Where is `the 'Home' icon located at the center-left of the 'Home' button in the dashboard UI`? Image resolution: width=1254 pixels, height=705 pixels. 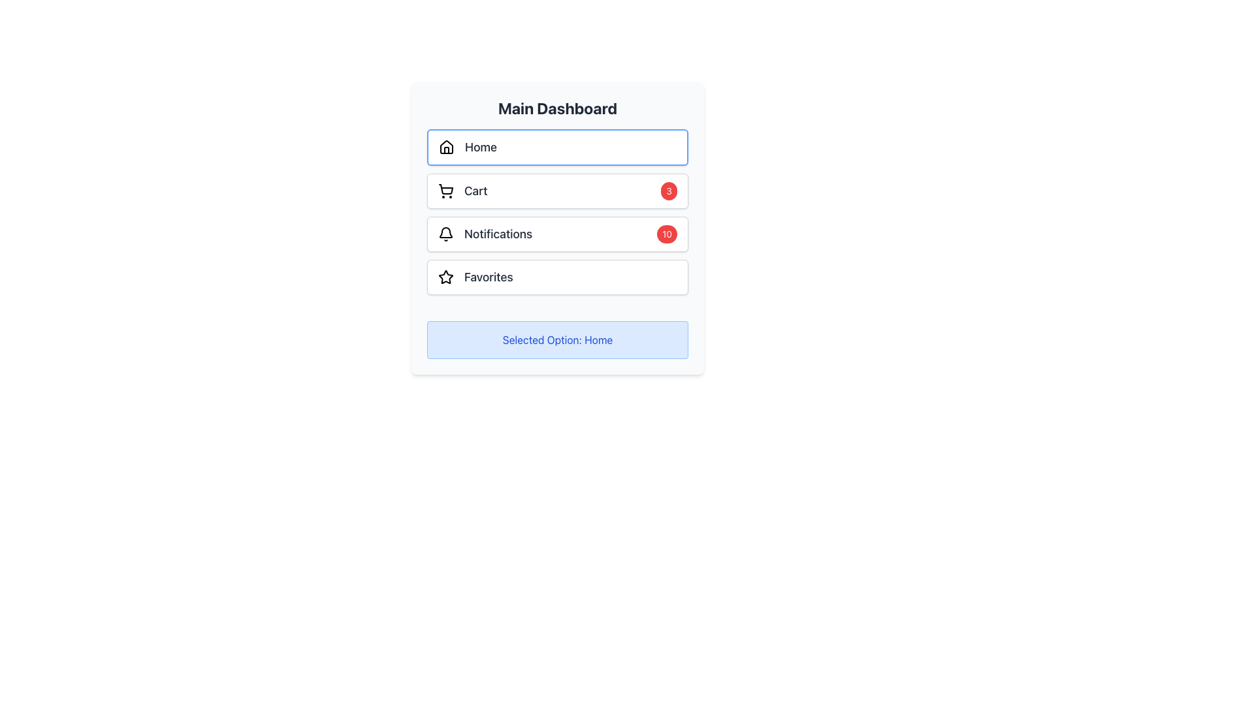 the 'Home' icon located at the center-left of the 'Home' button in the dashboard UI is located at coordinates (447, 146).